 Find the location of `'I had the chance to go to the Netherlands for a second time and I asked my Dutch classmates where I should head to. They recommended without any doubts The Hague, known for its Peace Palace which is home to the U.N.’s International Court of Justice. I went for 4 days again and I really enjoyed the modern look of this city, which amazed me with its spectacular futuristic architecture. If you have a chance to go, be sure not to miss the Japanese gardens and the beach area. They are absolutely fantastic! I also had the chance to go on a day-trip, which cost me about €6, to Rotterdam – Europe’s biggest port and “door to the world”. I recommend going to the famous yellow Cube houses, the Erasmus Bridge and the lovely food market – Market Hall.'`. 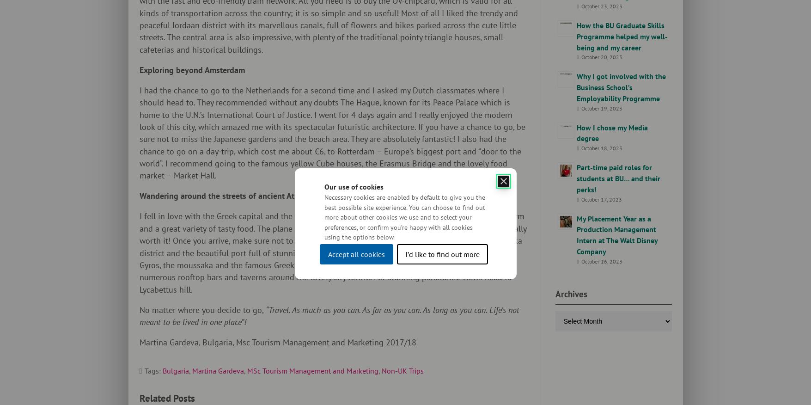

'I had the chance to go to the Netherlands for a second time and I asked my Dutch classmates where I should head to. They recommended without any doubts The Hague, known for its Peace Palace which is home to the U.N.’s International Court of Justice. I went for 4 days again and I really enjoyed the modern look of this city, which amazed me with its spectacular futuristic architecture. If you have a chance to go, be sure not to miss the Japanese gardens and the beach area. They are absolutely fantastic! I also had the chance to go on a day-trip, which cost me about €6, to Rotterdam – Europe’s biggest port and “door to the world”. I recommend going to the famous yellow Cube houses, the Erasmus Bridge and the lovely food market – Market Hall.' is located at coordinates (138, 132).